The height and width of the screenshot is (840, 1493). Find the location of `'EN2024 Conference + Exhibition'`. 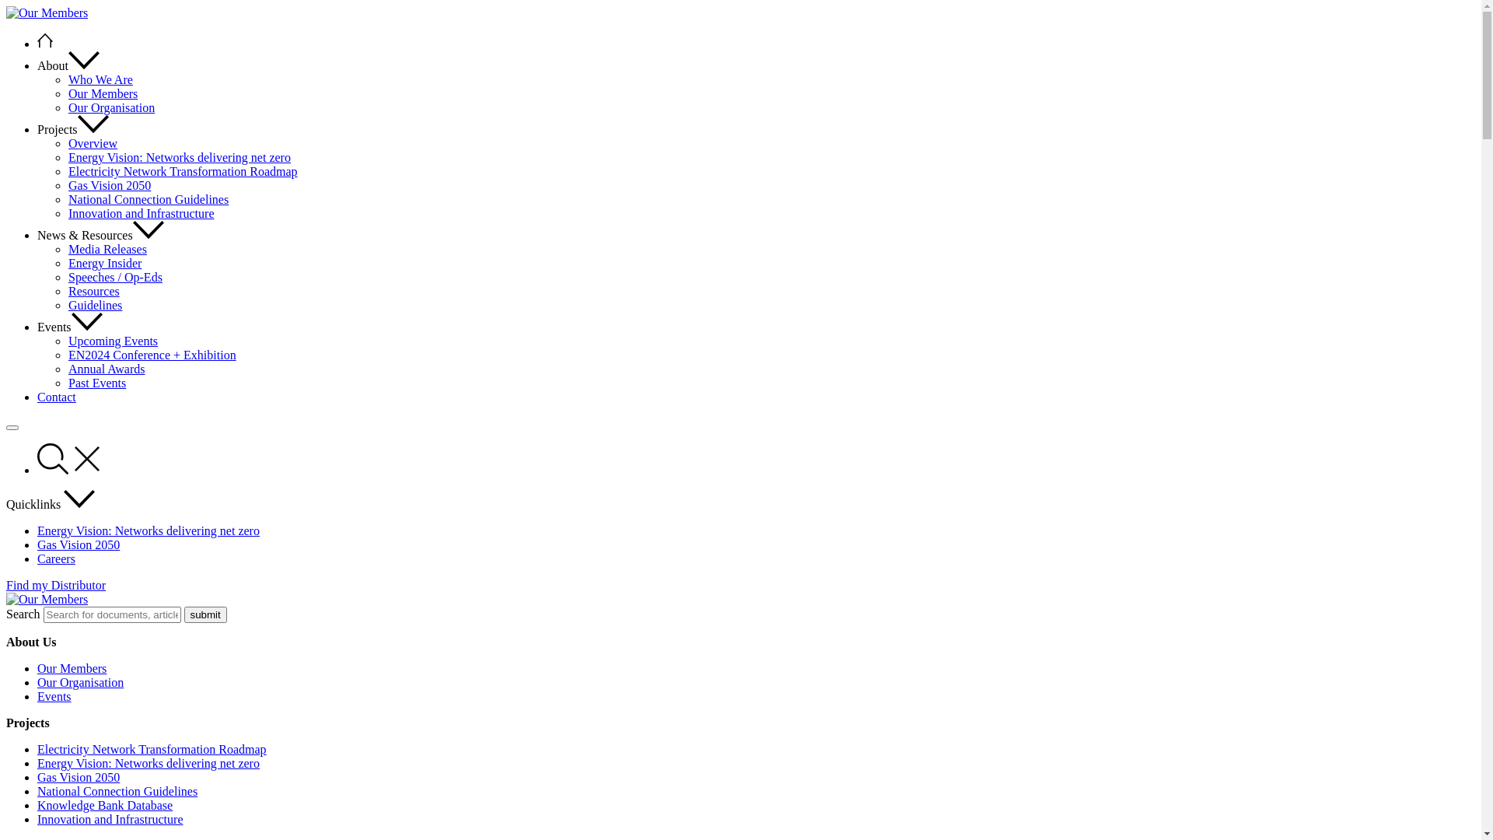

'EN2024 Conference + Exhibition' is located at coordinates (152, 355).